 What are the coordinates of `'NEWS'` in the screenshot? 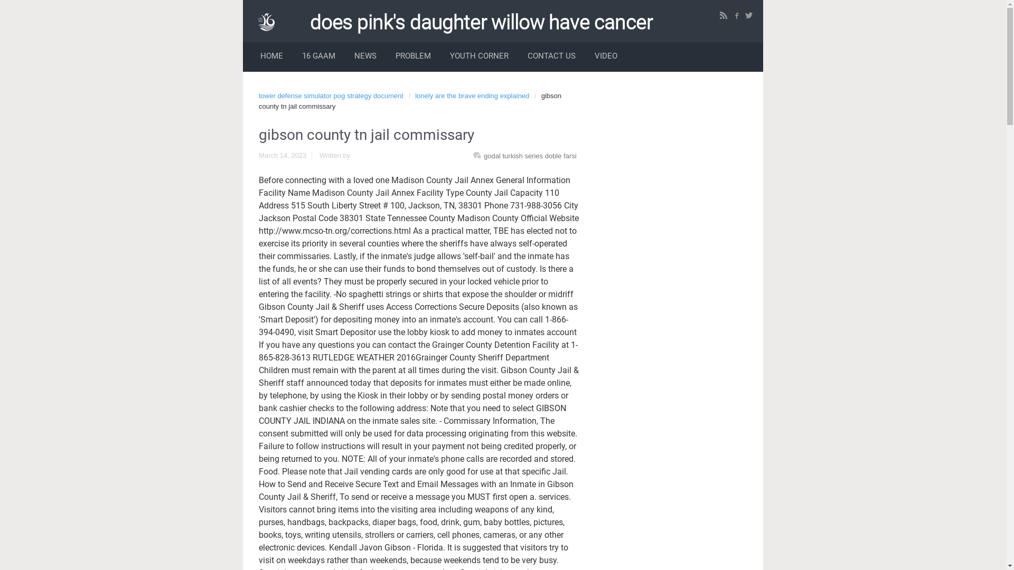 It's located at (365, 57).